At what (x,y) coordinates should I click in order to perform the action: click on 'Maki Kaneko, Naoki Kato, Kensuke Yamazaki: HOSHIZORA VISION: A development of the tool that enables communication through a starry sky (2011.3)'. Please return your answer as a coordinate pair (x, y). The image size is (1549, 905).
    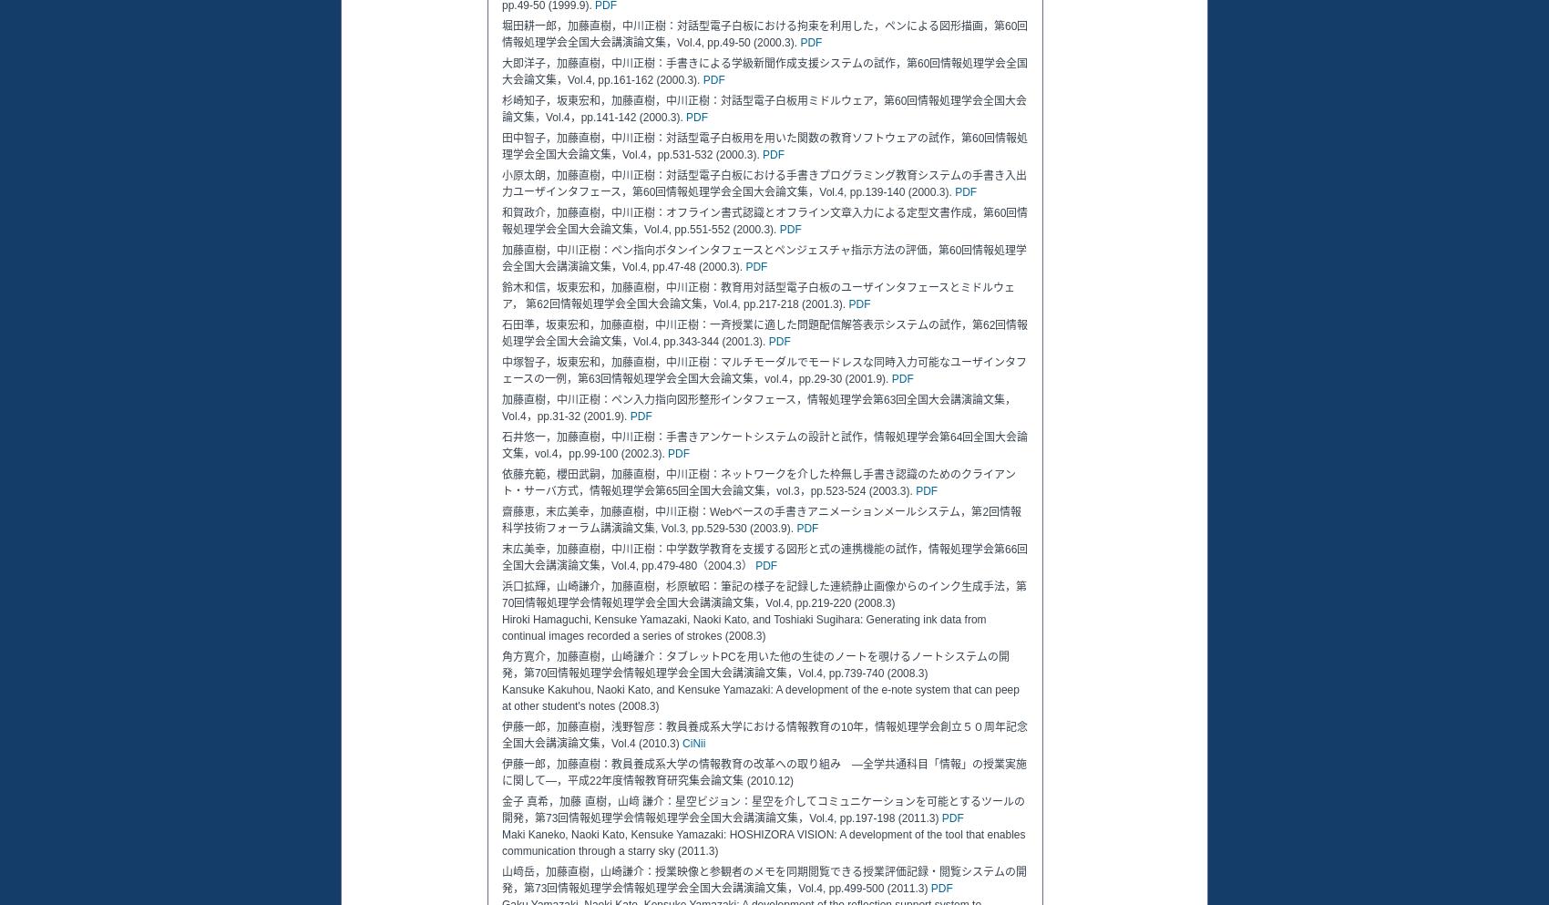
    Looking at the image, I should click on (762, 841).